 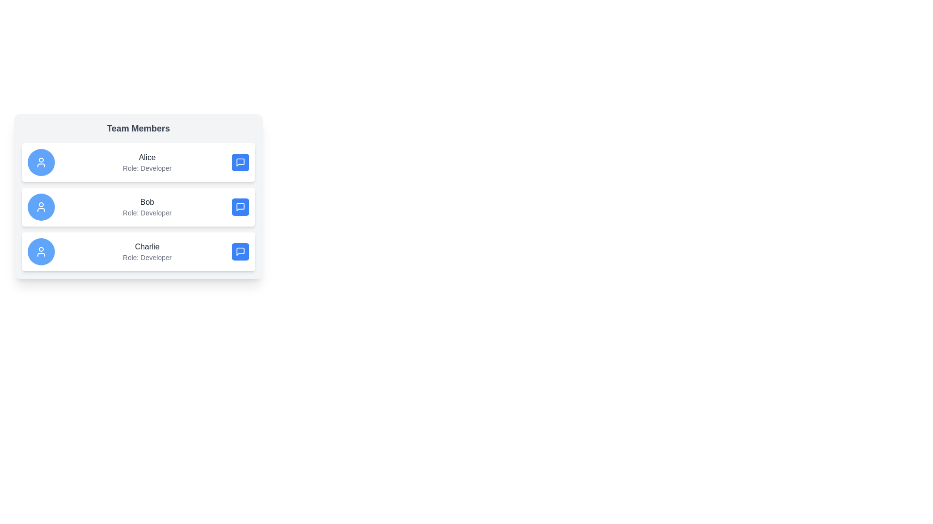 What do you see at coordinates (41, 162) in the screenshot?
I see `the user avatar icon within the circular blue background, which is the topmost avatar in the 'Team Members' list, located to the left of the 'Alice' entry` at bounding box center [41, 162].